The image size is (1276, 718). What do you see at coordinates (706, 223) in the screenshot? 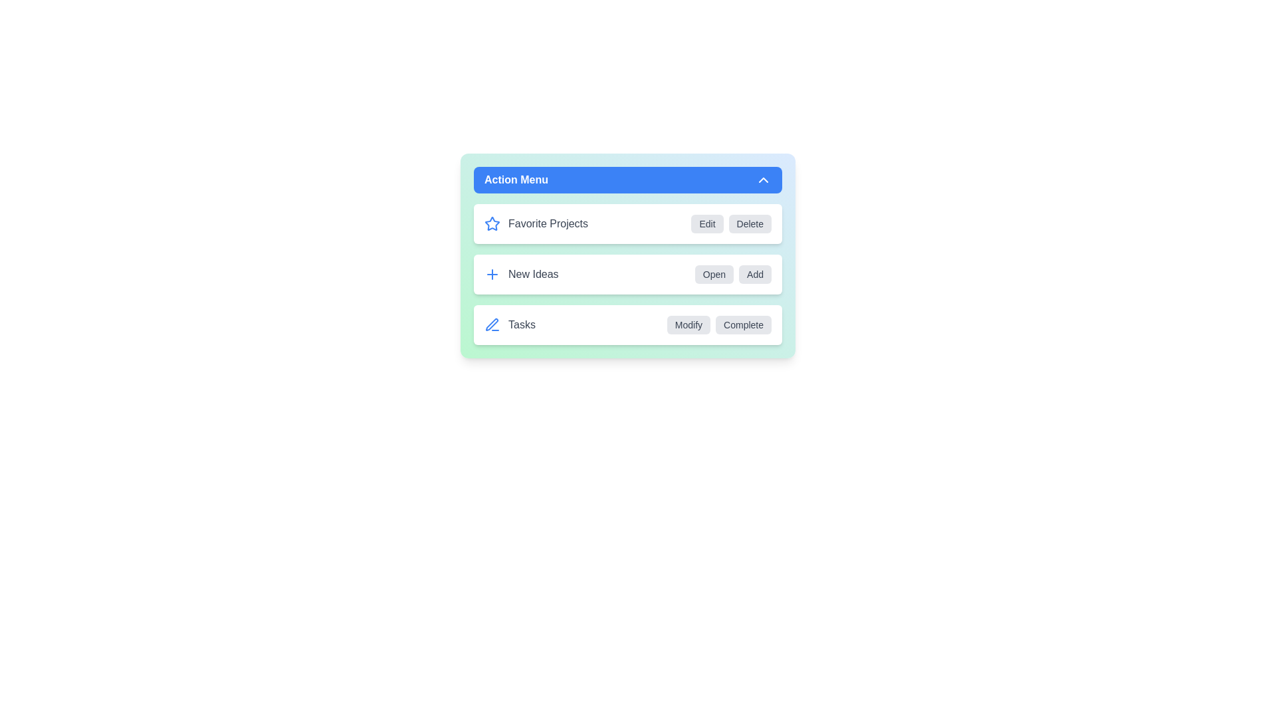
I see `the action button labeled Edit for the item Favorite Projects` at bounding box center [706, 223].